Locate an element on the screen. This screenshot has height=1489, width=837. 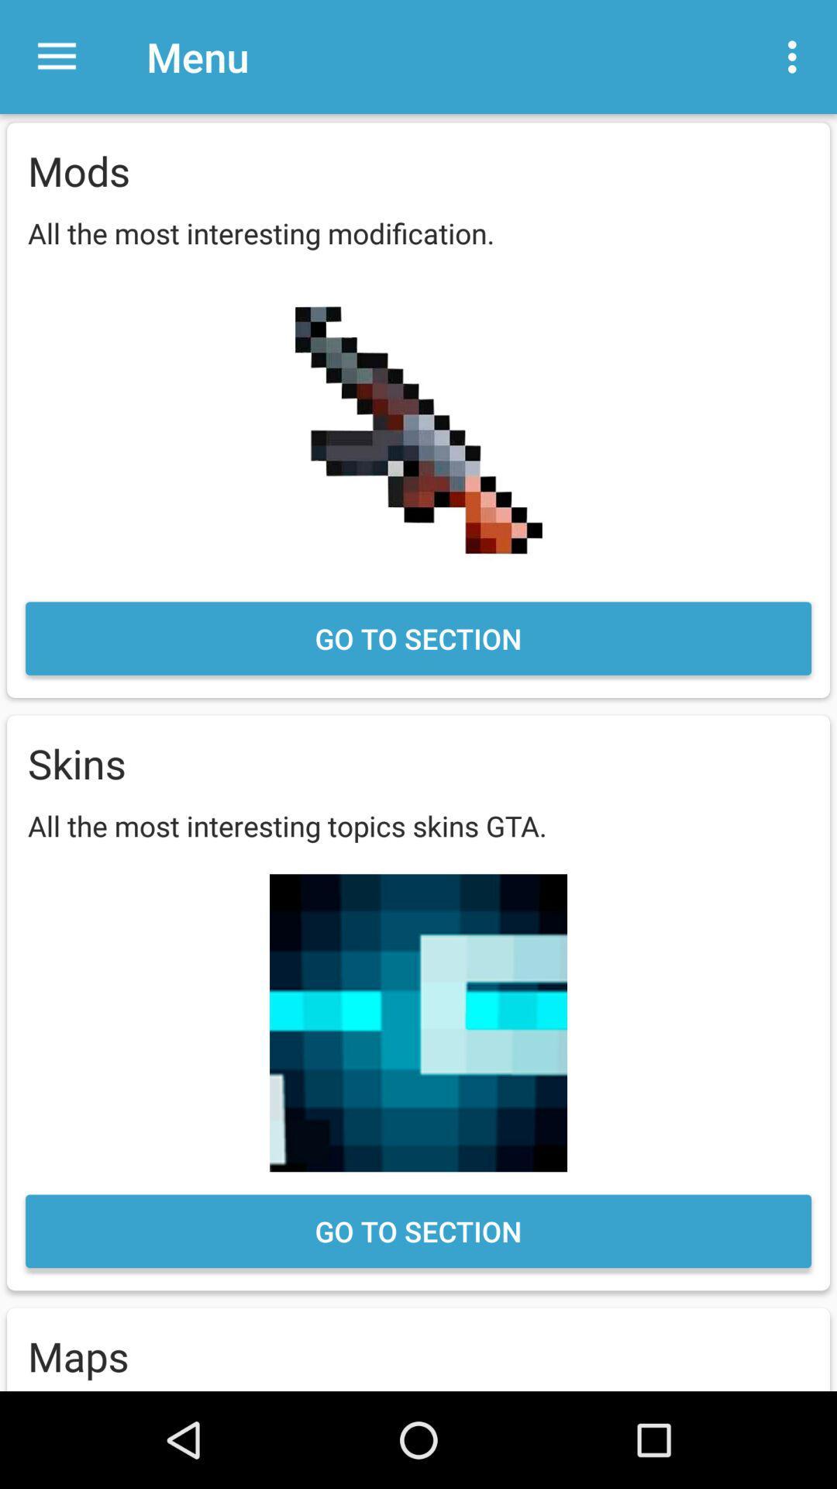
the item above the mods item is located at coordinates (56, 57).